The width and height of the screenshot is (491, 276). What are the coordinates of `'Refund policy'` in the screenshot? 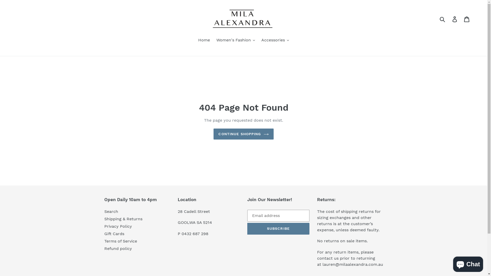 It's located at (118, 248).